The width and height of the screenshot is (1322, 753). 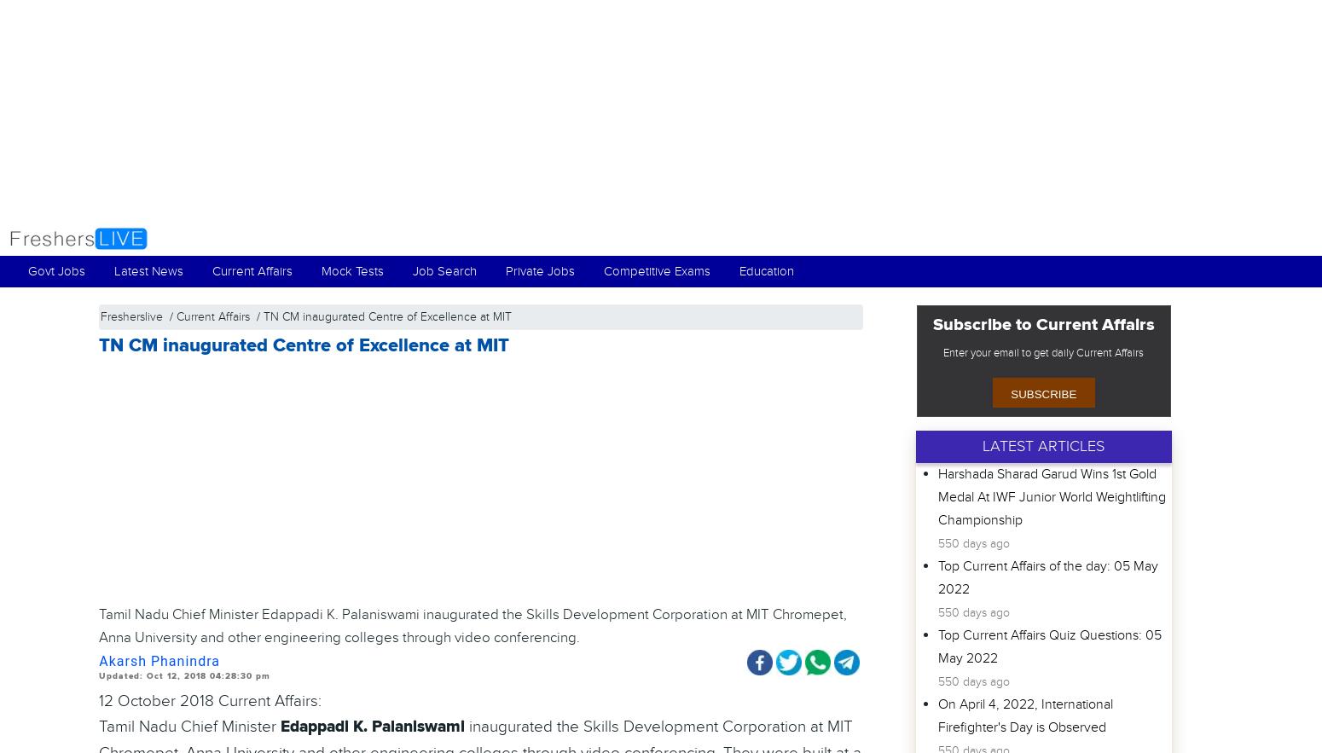 What do you see at coordinates (1042, 324) in the screenshot?
I see `'Subscribe to Current Affairs'` at bounding box center [1042, 324].